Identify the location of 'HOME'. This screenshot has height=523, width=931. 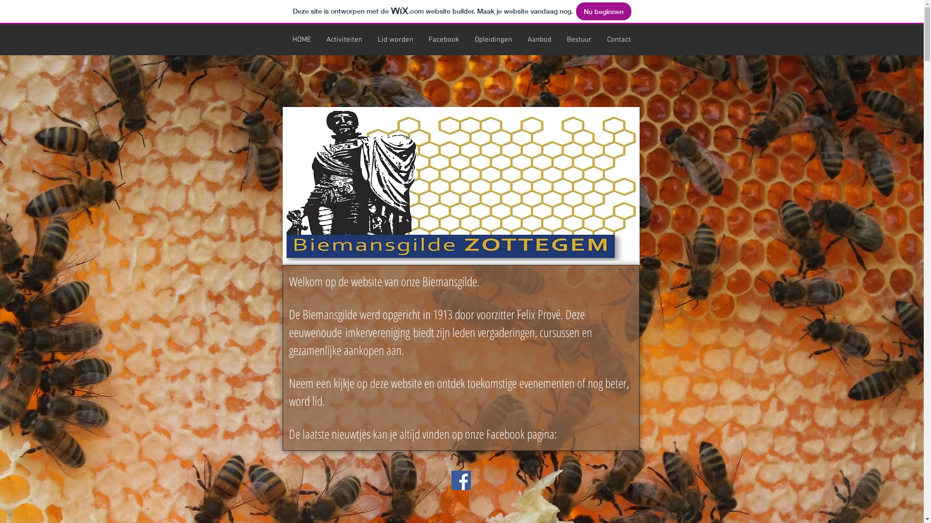
(300, 39).